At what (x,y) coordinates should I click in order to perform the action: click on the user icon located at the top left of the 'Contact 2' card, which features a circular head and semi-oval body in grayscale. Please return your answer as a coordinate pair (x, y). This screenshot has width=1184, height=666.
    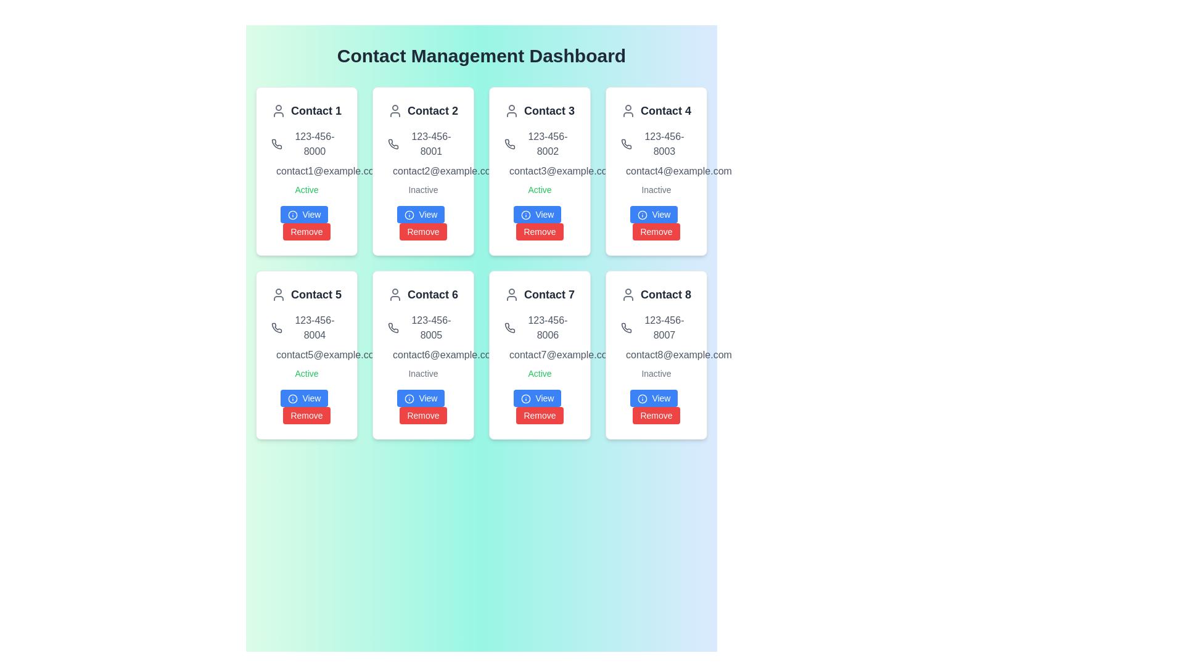
    Looking at the image, I should click on (395, 111).